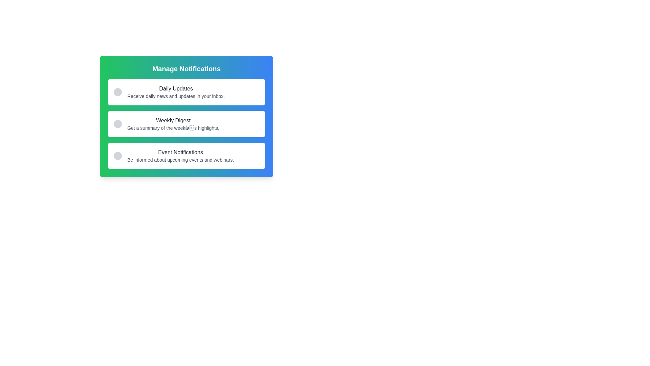 The image size is (650, 366). Describe the element at coordinates (117, 156) in the screenshot. I see `the leftmost circular toggle button in the 'Event Notifications' section` at that location.